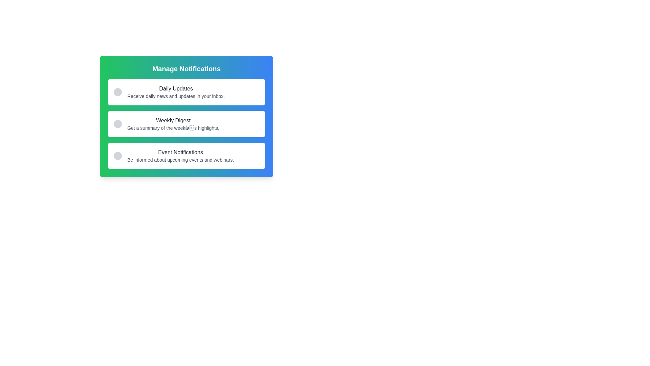 The image size is (650, 366). Describe the element at coordinates (117, 156) in the screenshot. I see `the leftmost circular toggle button in the 'Event Notifications' section` at that location.